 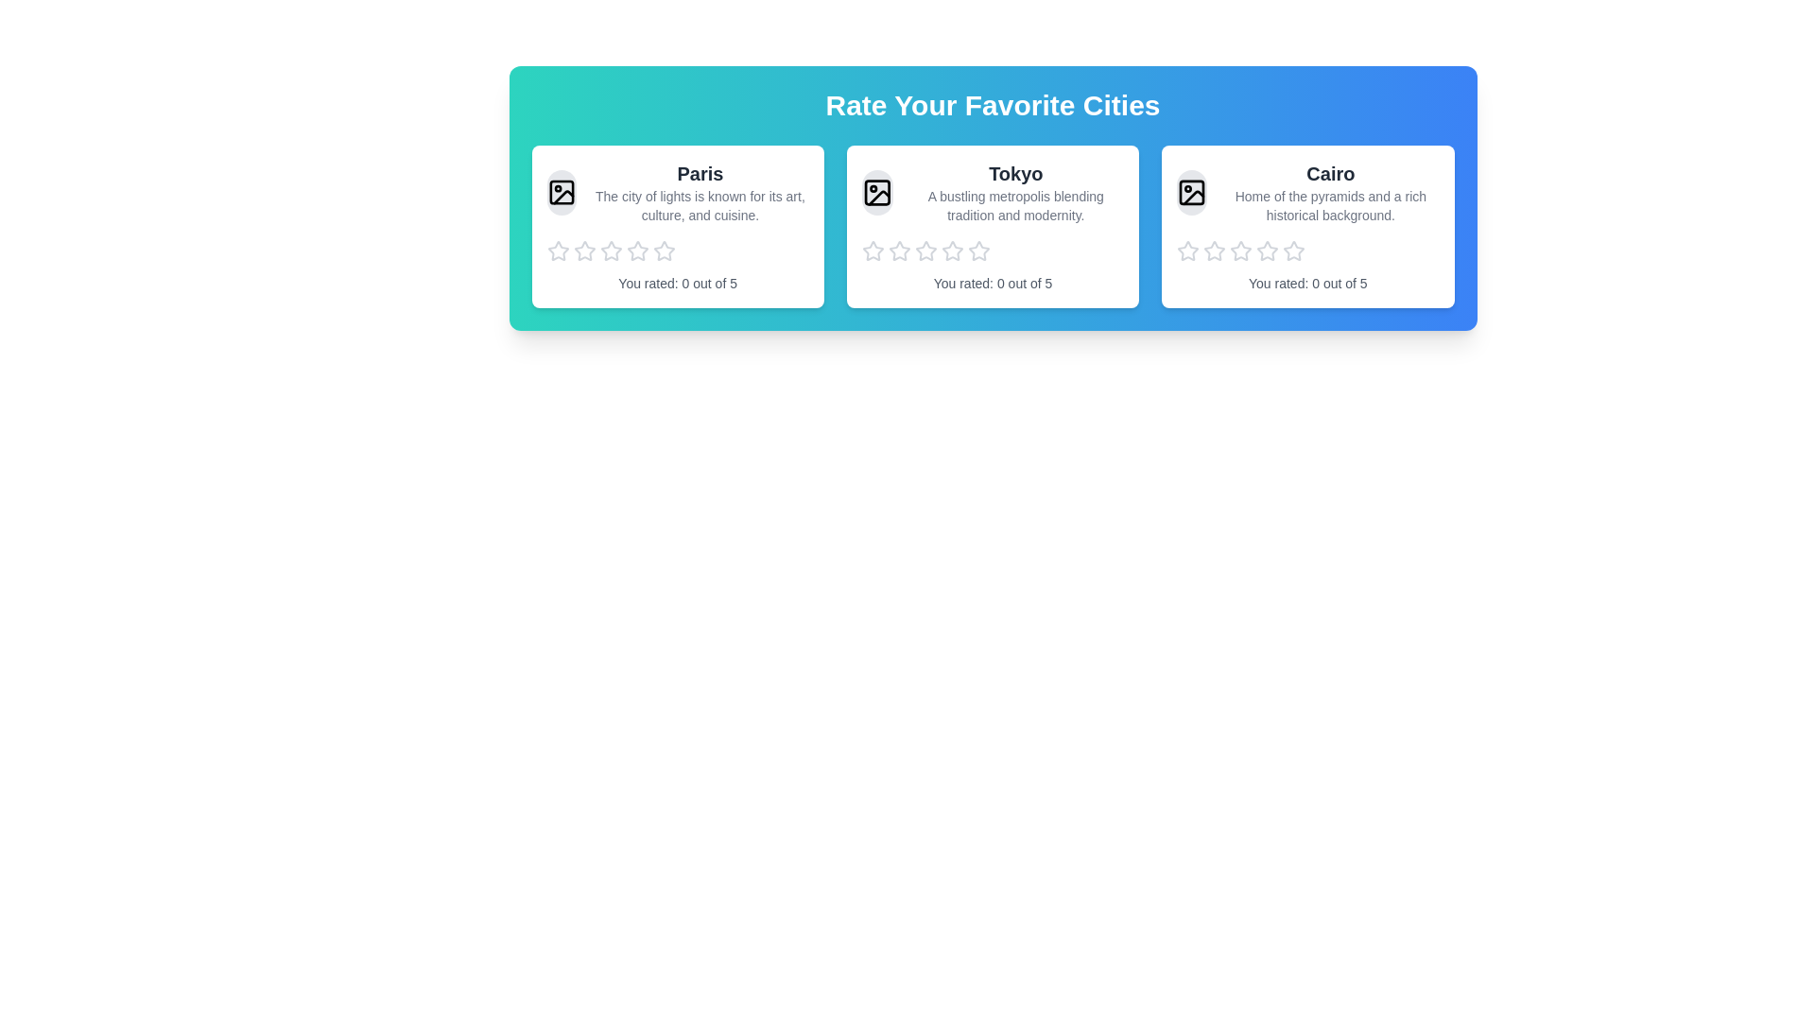 What do you see at coordinates (898, 251) in the screenshot?
I see `the second star icon in the rating system for 'Tokyo'` at bounding box center [898, 251].